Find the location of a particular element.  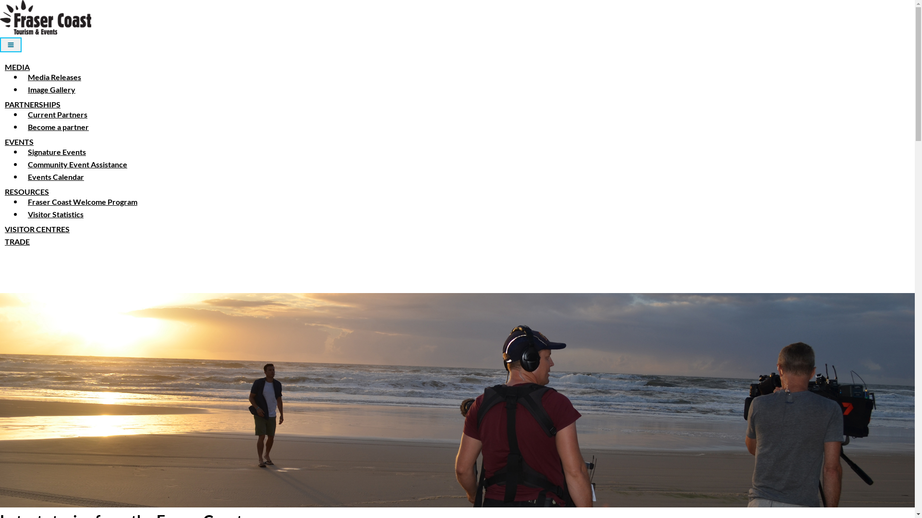

'VISITOR CENTRES' is located at coordinates (0, 229).